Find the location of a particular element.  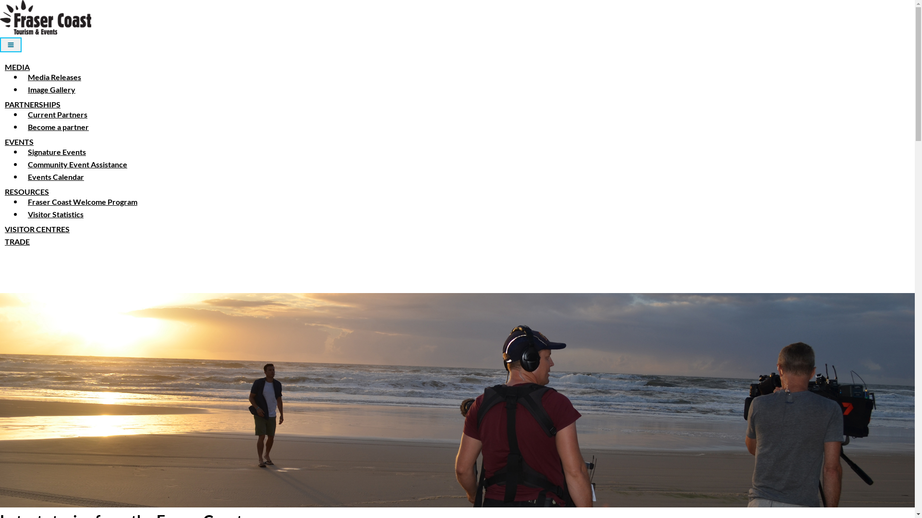

'VISITOR CENTRES' is located at coordinates (0, 229).